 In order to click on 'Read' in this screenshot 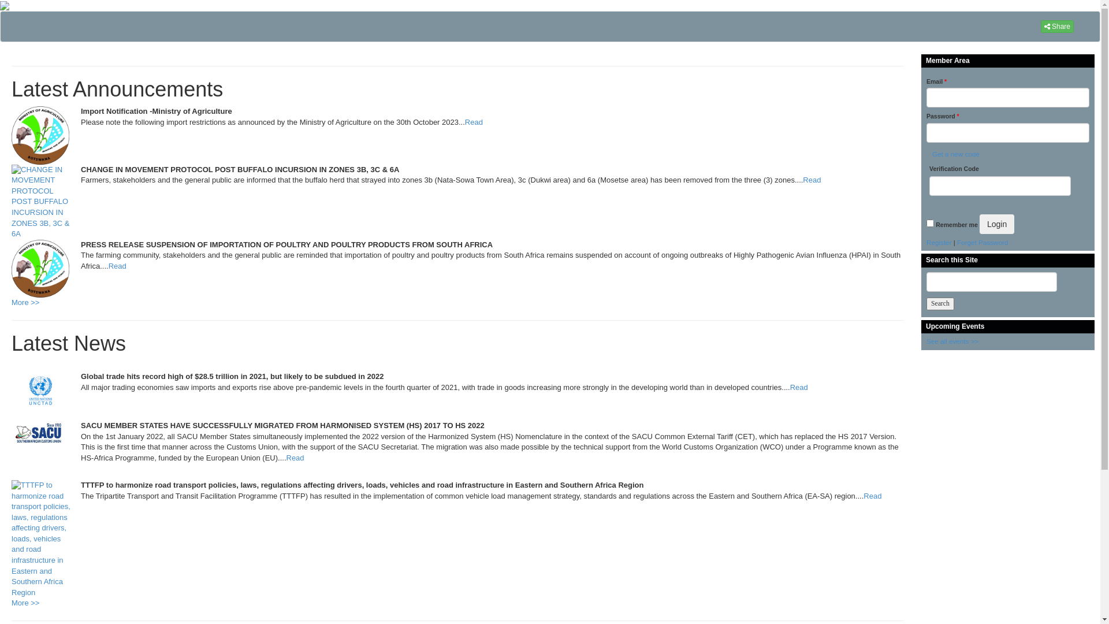, I will do `click(108, 266)`.